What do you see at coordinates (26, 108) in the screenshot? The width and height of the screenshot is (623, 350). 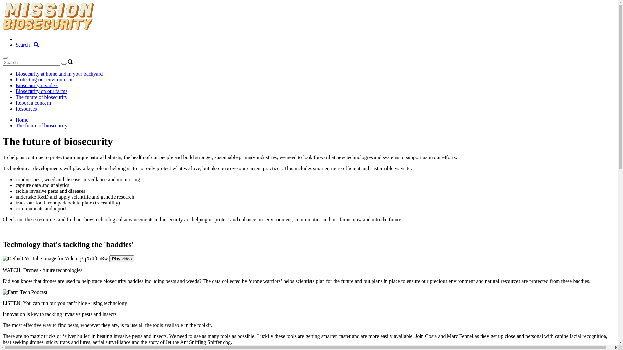 I see `'Resources'` at bounding box center [26, 108].